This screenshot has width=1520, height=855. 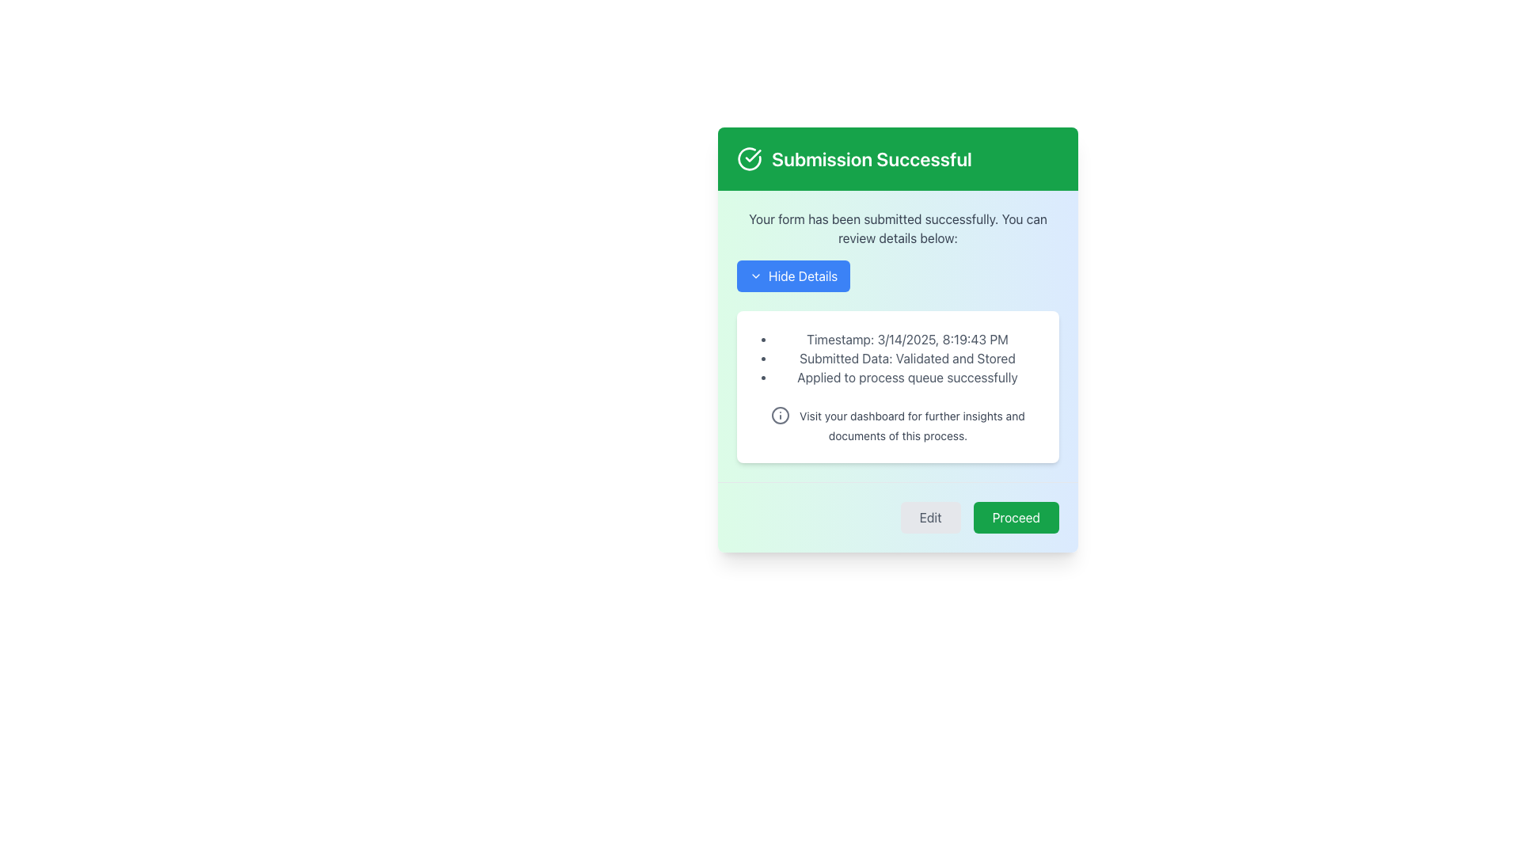 I want to click on static text that notifies the user about the successful form submission, which is located within a white card directly below the green header 'Submission Successful', so click(x=898, y=229).